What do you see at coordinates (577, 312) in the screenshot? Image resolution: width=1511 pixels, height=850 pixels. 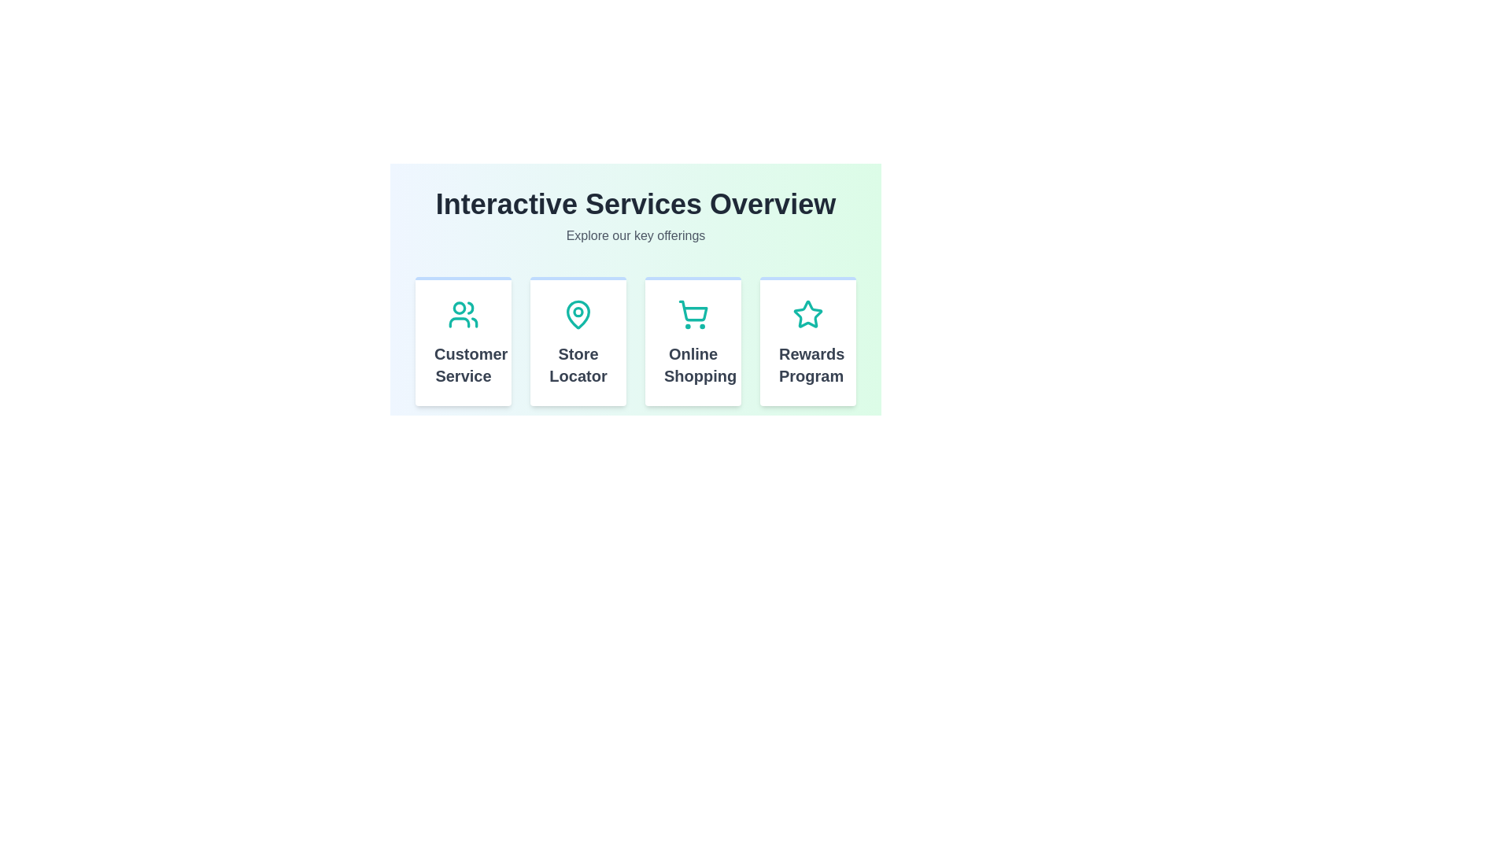 I see `the teal circular decorative component within the 'Store Locator' map pin icon, located at the center of the icon on the second card from the left` at bounding box center [577, 312].